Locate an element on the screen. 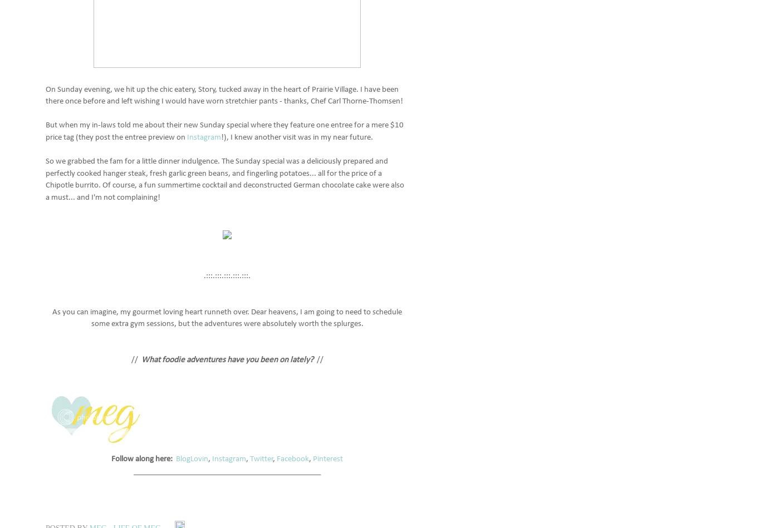 The height and width of the screenshot is (528, 765). 'Chef Carl Thorne-Thomsen!' is located at coordinates (356, 101).